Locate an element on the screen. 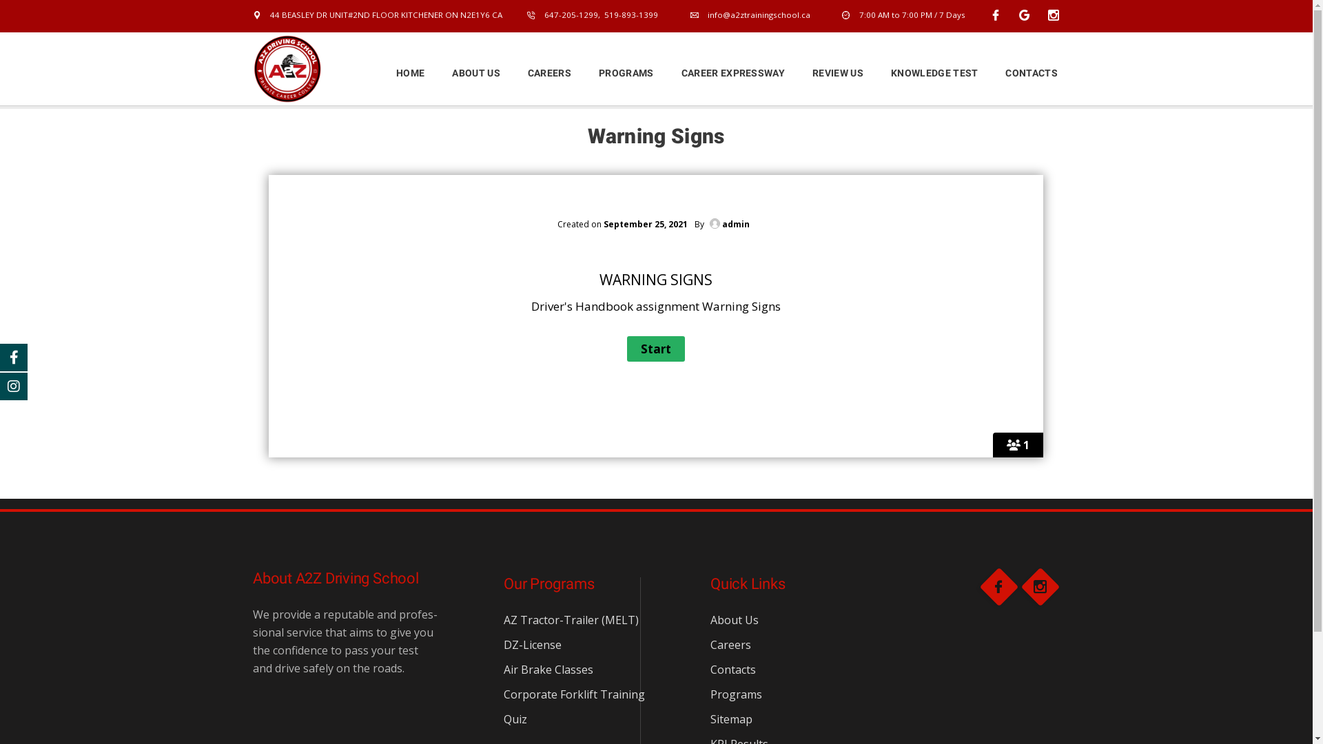 Image resolution: width=1323 pixels, height=744 pixels. 'Air Brake Classes' is located at coordinates (548, 669).